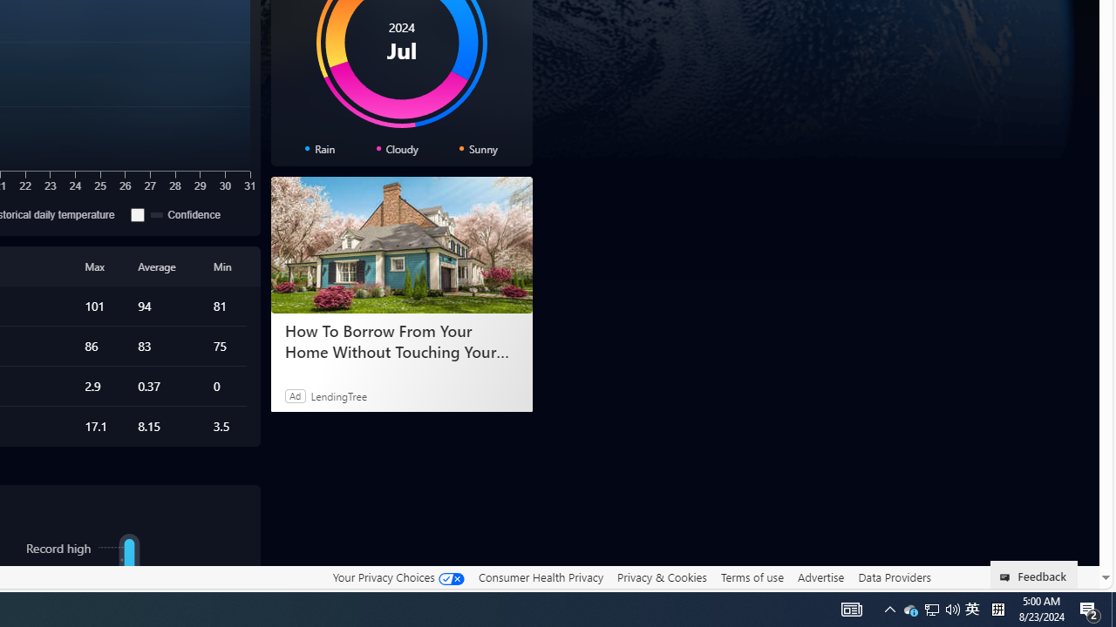 This screenshot has height=627, width=1116. What do you see at coordinates (397, 577) in the screenshot?
I see `'Your Privacy Choices'` at bounding box center [397, 577].